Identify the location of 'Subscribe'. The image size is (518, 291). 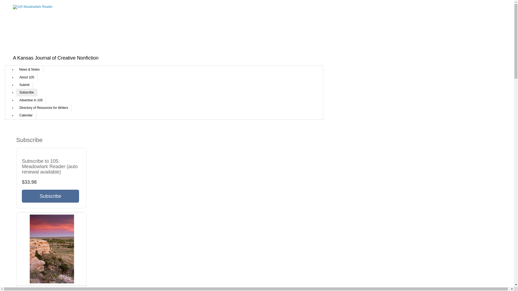
(26, 92).